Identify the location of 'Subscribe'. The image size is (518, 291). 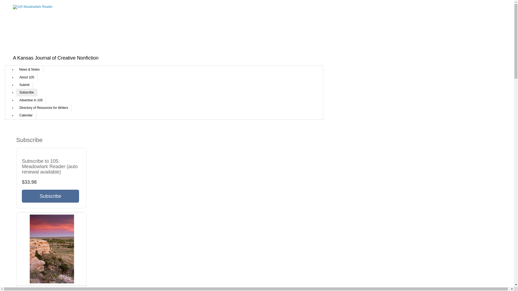
(26, 92).